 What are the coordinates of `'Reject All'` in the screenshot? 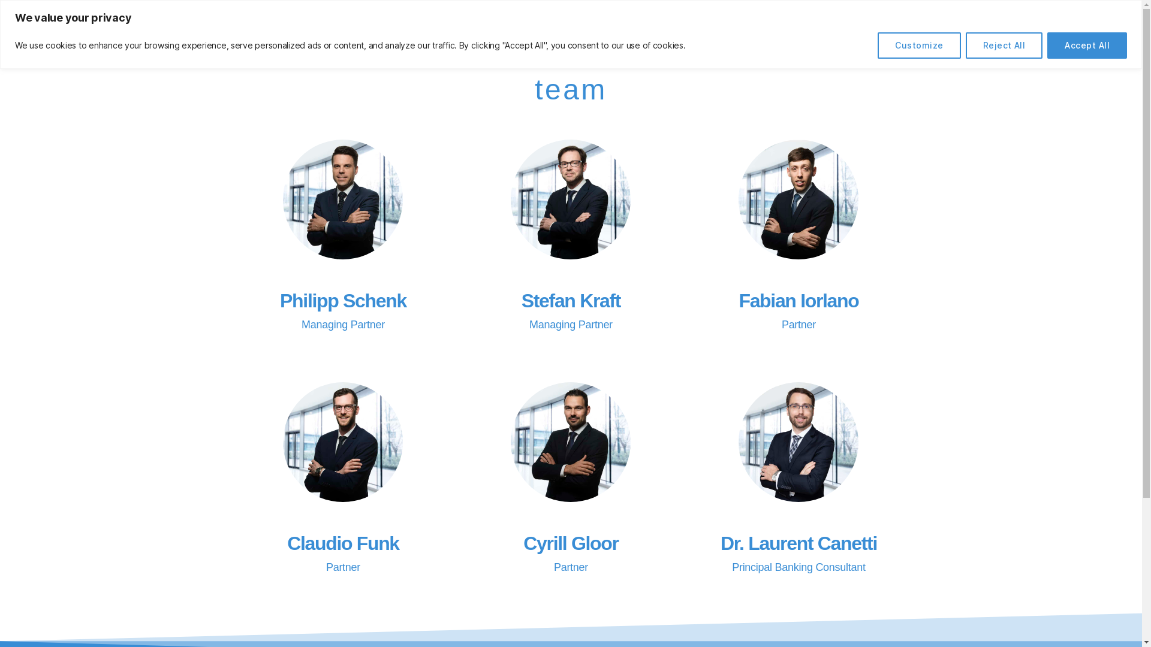 It's located at (1004, 45).